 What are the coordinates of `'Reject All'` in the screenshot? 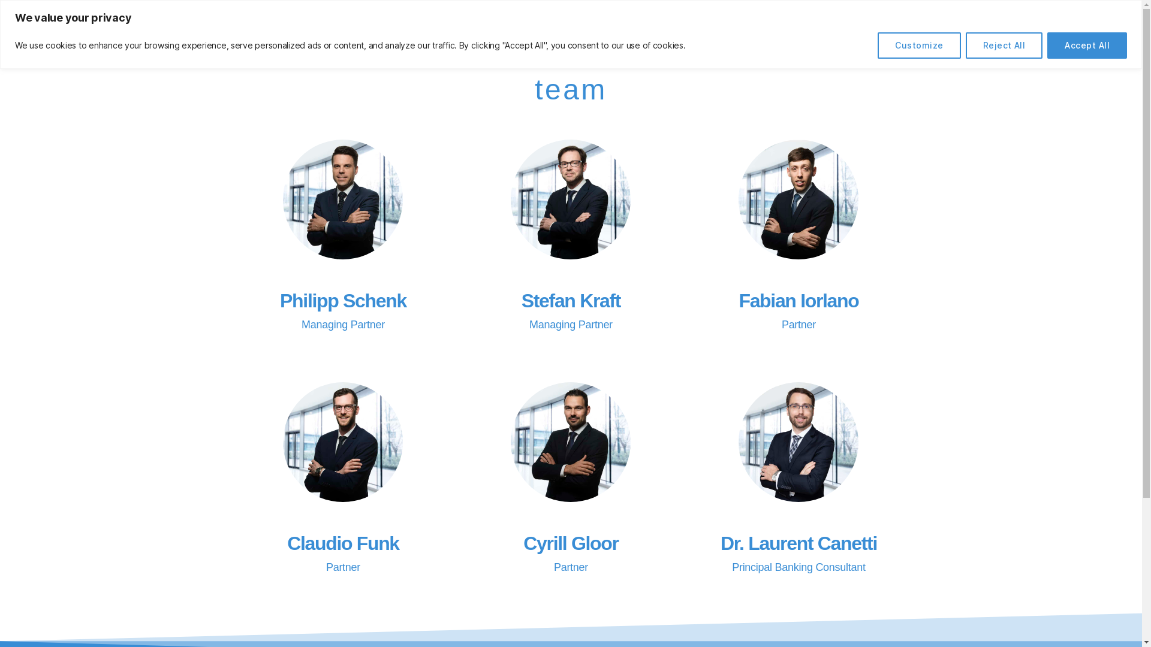 It's located at (1004, 45).